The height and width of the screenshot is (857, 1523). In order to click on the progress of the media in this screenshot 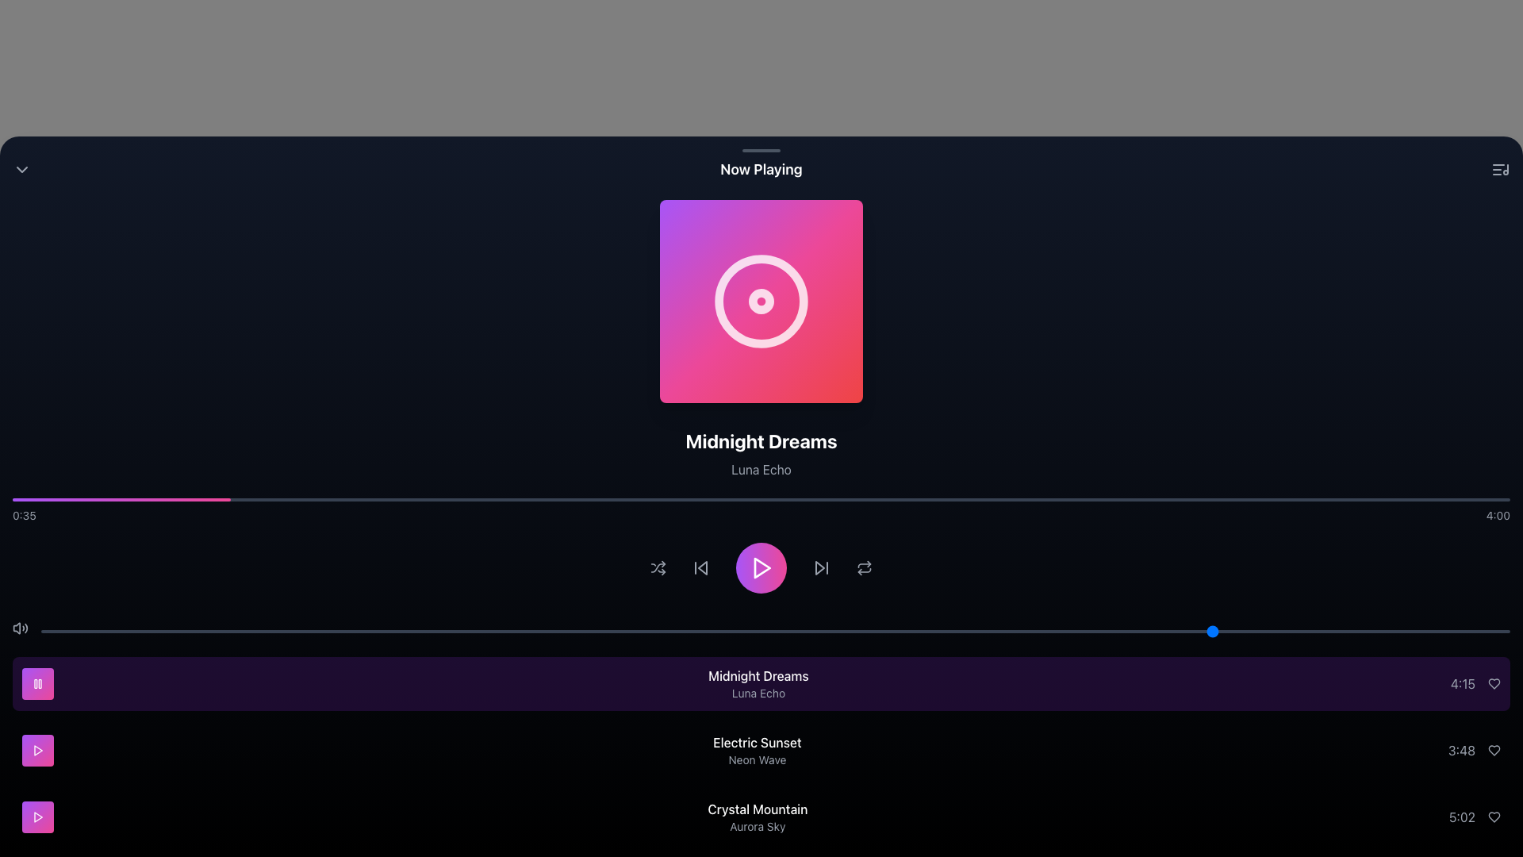, I will do `click(566, 498)`.